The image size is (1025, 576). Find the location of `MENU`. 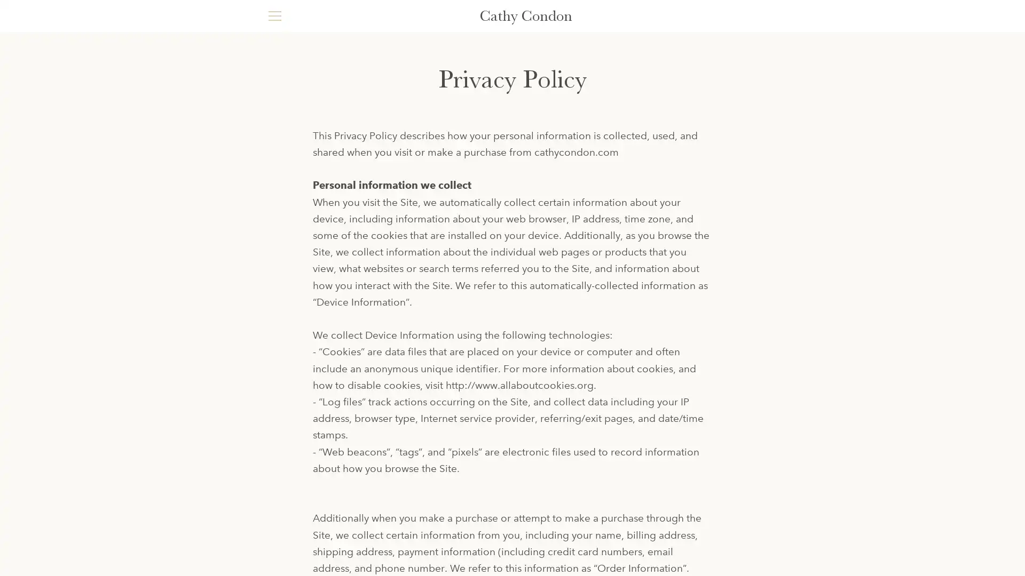

MENU is located at coordinates (274, 16).